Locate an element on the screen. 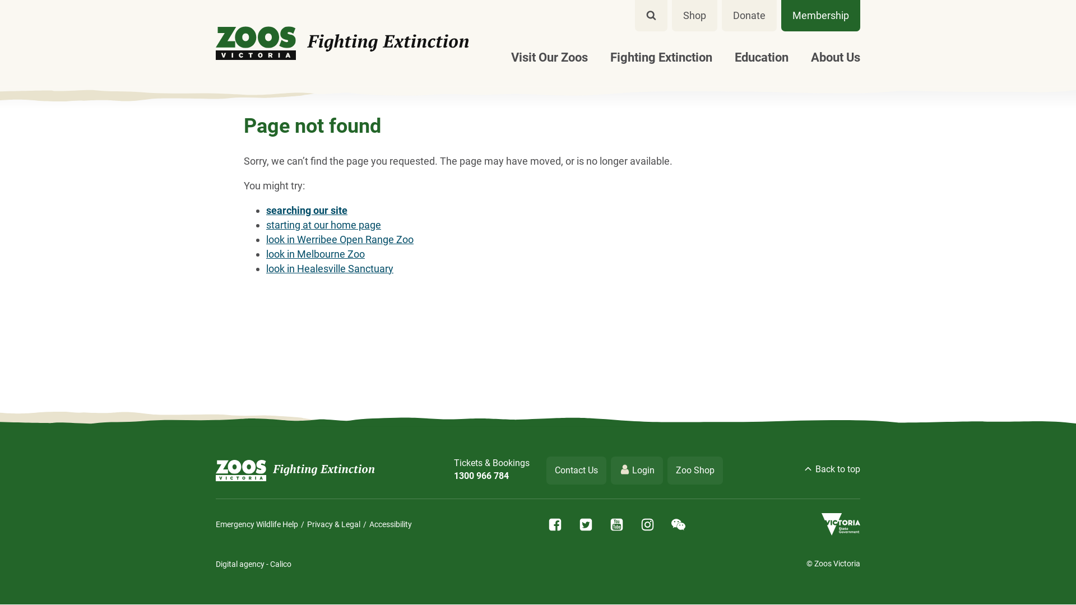 Image resolution: width=1076 pixels, height=605 pixels. 'Donate' is located at coordinates (749, 15).